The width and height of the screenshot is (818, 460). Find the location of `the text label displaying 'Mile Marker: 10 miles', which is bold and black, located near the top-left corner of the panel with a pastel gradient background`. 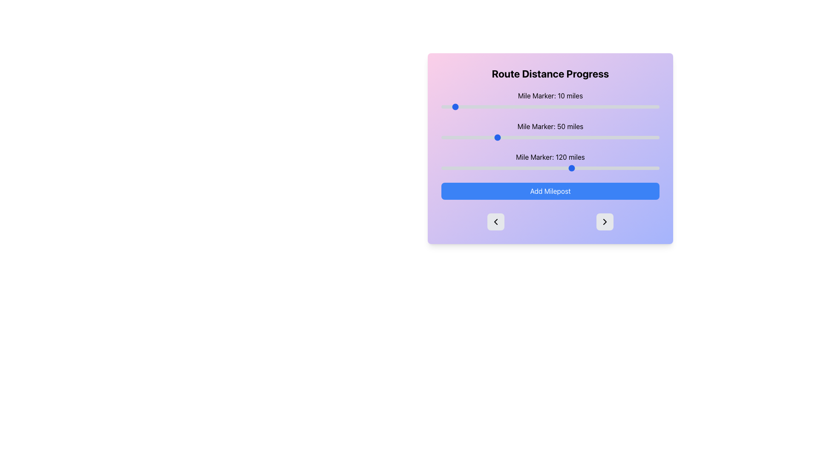

the text label displaying 'Mile Marker: 10 miles', which is bold and black, located near the top-left corner of the panel with a pastel gradient background is located at coordinates (550, 95).